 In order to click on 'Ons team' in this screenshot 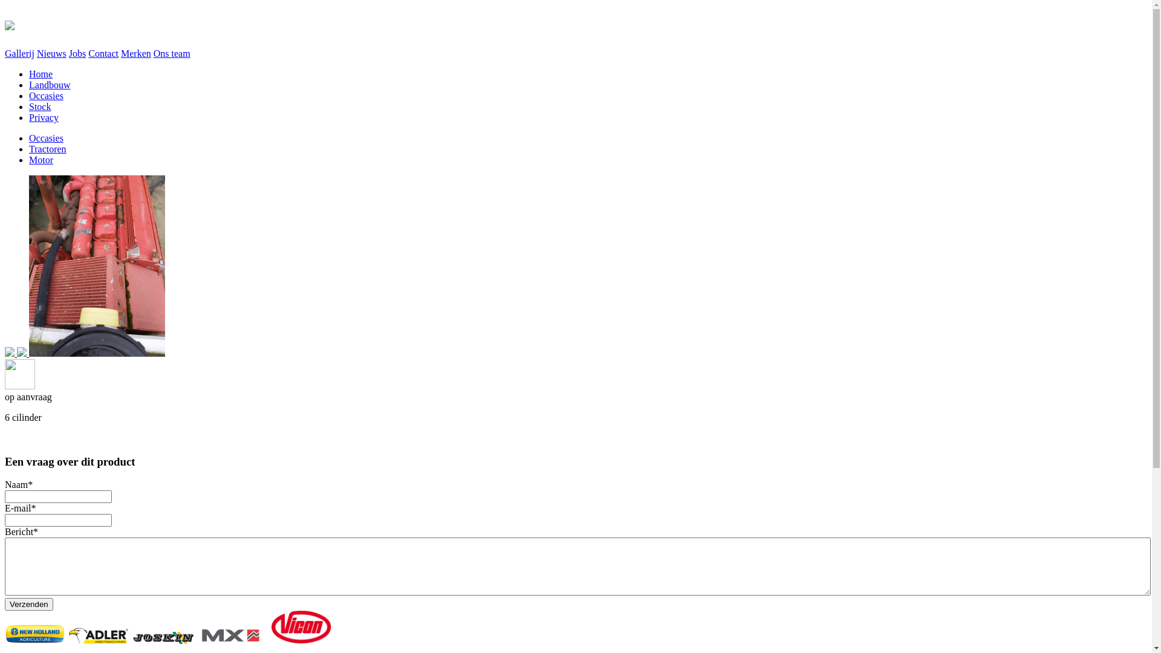, I will do `click(171, 53)`.